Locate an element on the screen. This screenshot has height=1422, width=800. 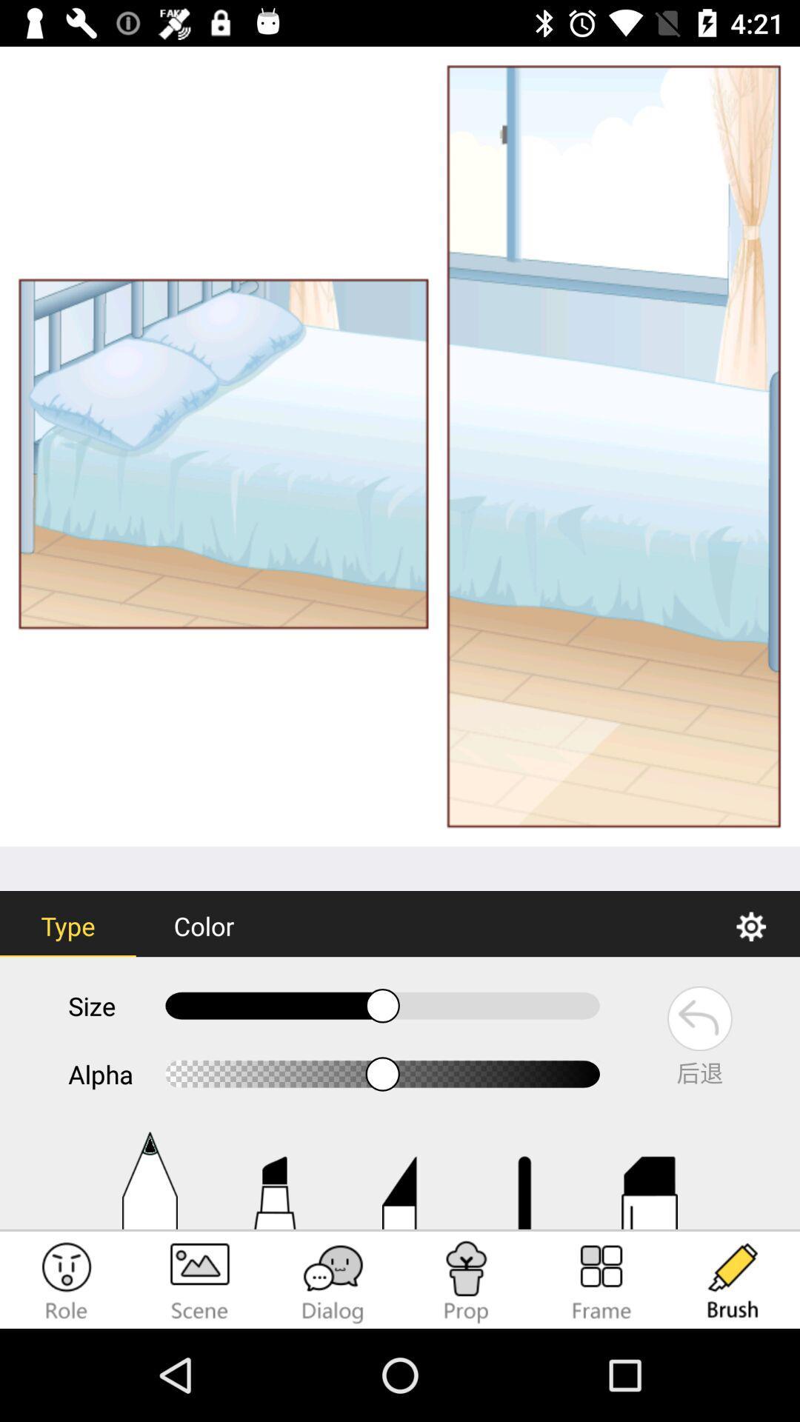
the chat icon is located at coordinates (333, 1281).